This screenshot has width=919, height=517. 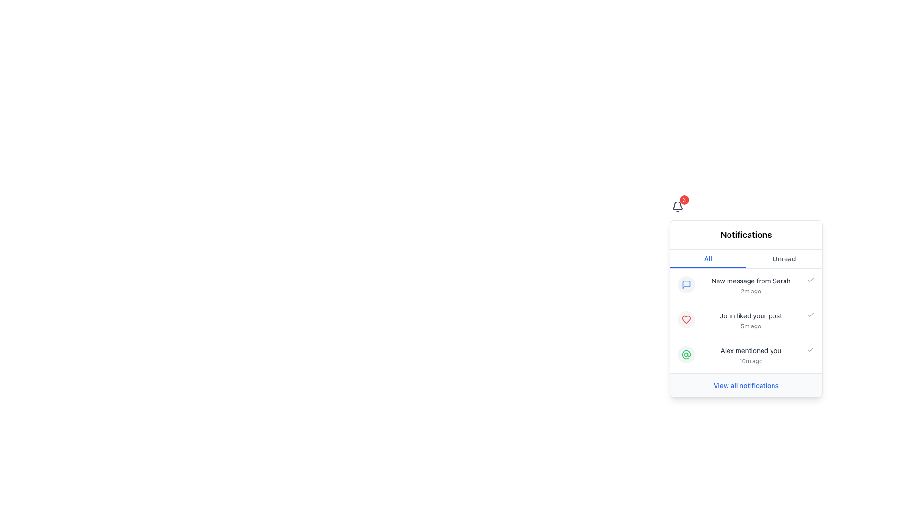 What do you see at coordinates (810, 315) in the screenshot?
I see `the button that marks the notification about 'John liked your post' as read` at bounding box center [810, 315].